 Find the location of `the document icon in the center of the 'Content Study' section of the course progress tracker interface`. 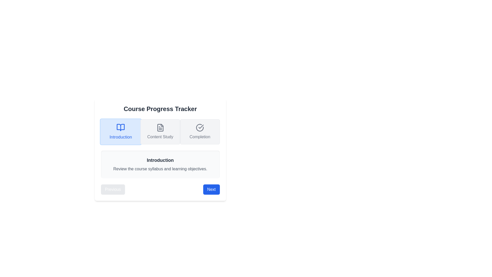

the document icon in the center of the 'Content Study' section of the course progress tracker interface is located at coordinates (160, 127).